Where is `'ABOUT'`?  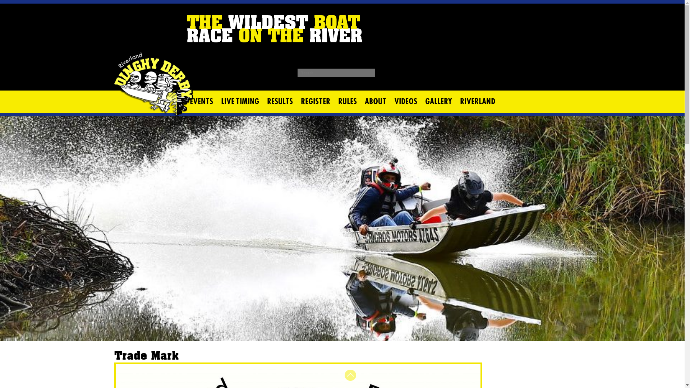
'ABOUT' is located at coordinates (375, 101).